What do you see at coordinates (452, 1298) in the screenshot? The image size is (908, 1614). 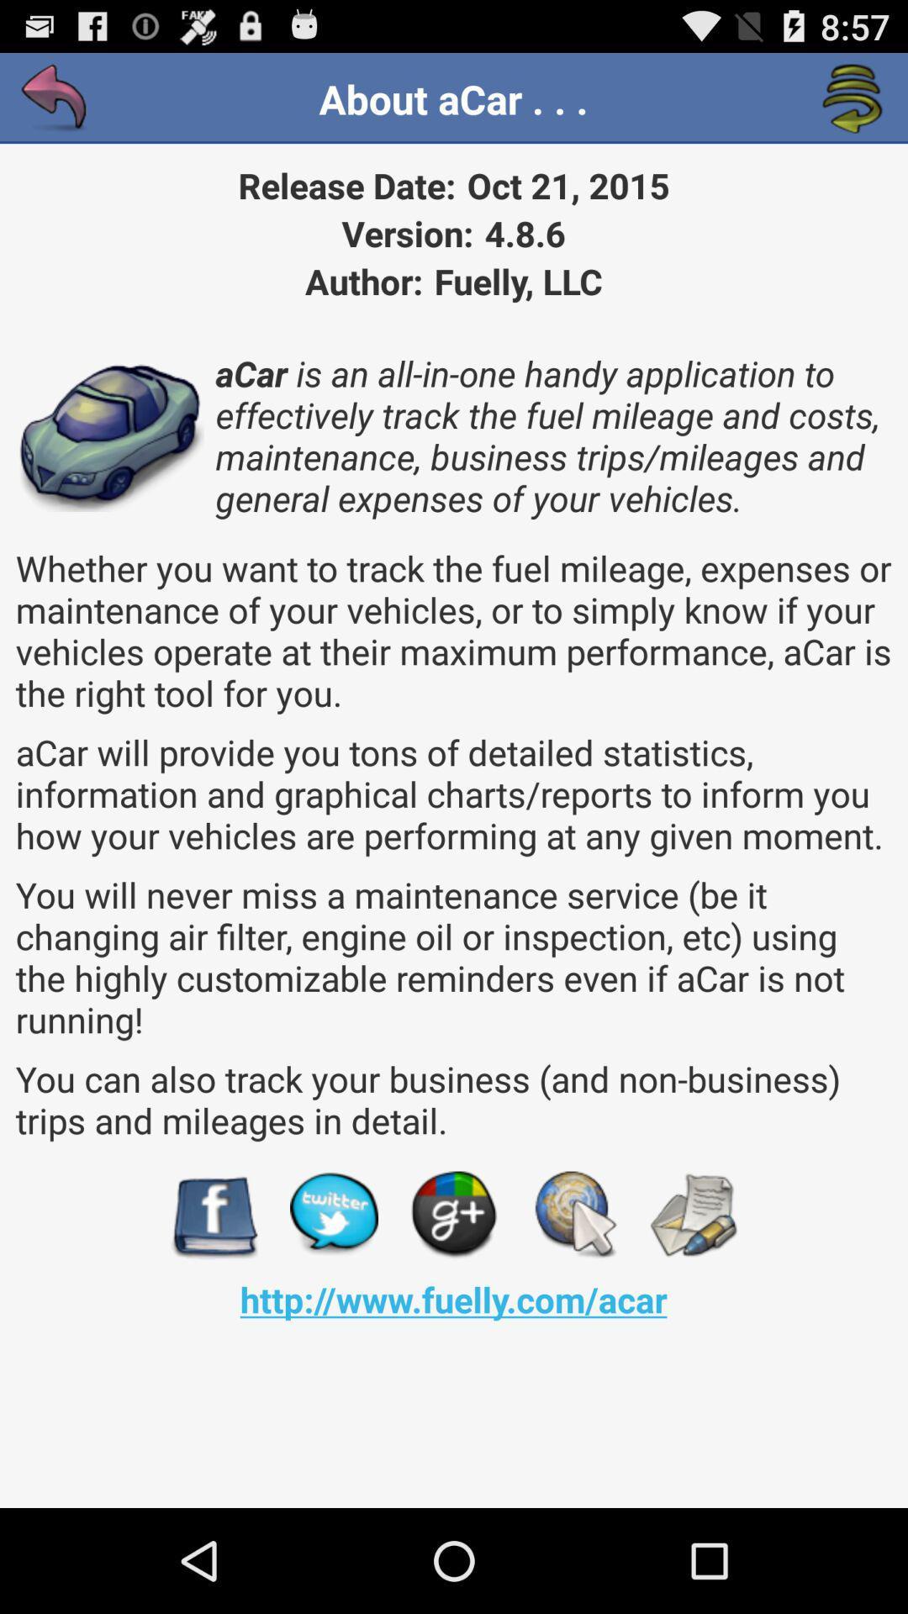 I see `http www fuelly app` at bounding box center [452, 1298].